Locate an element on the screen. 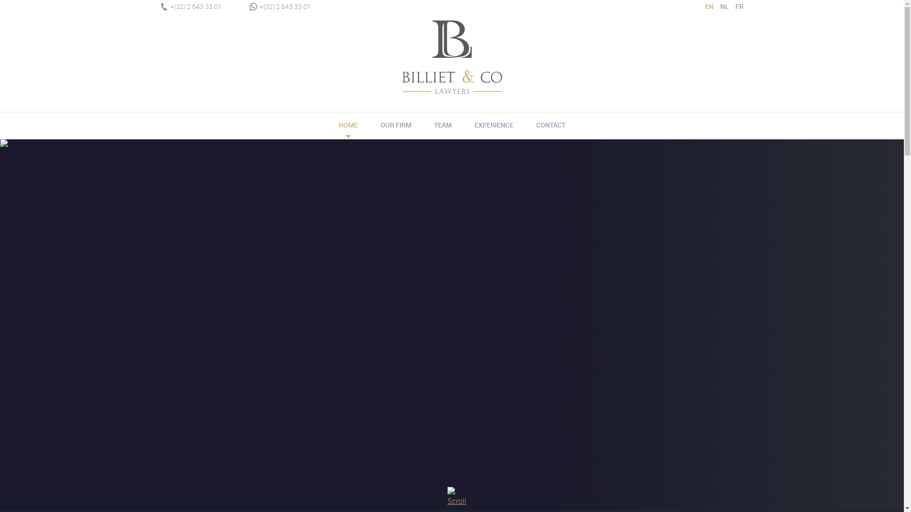 The image size is (911, 512). 'Scroll down' is located at coordinates (451, 494).